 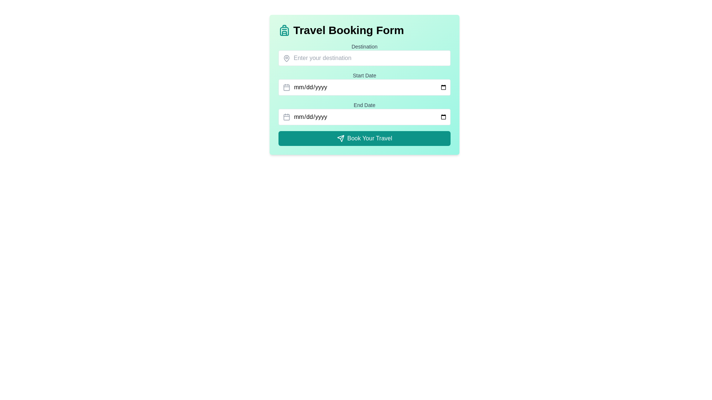 I want to click on the travel-related icon positioned to the left of the 'Travel Booking Form' text in the header row, so click(x=284, y=30).